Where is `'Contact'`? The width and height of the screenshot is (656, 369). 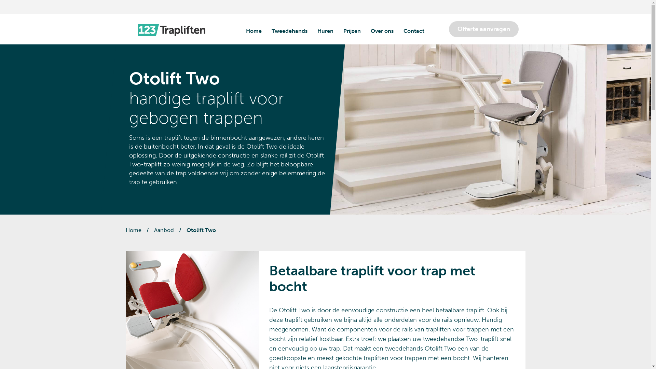
'Contact' is located at coordinates (413, 31).